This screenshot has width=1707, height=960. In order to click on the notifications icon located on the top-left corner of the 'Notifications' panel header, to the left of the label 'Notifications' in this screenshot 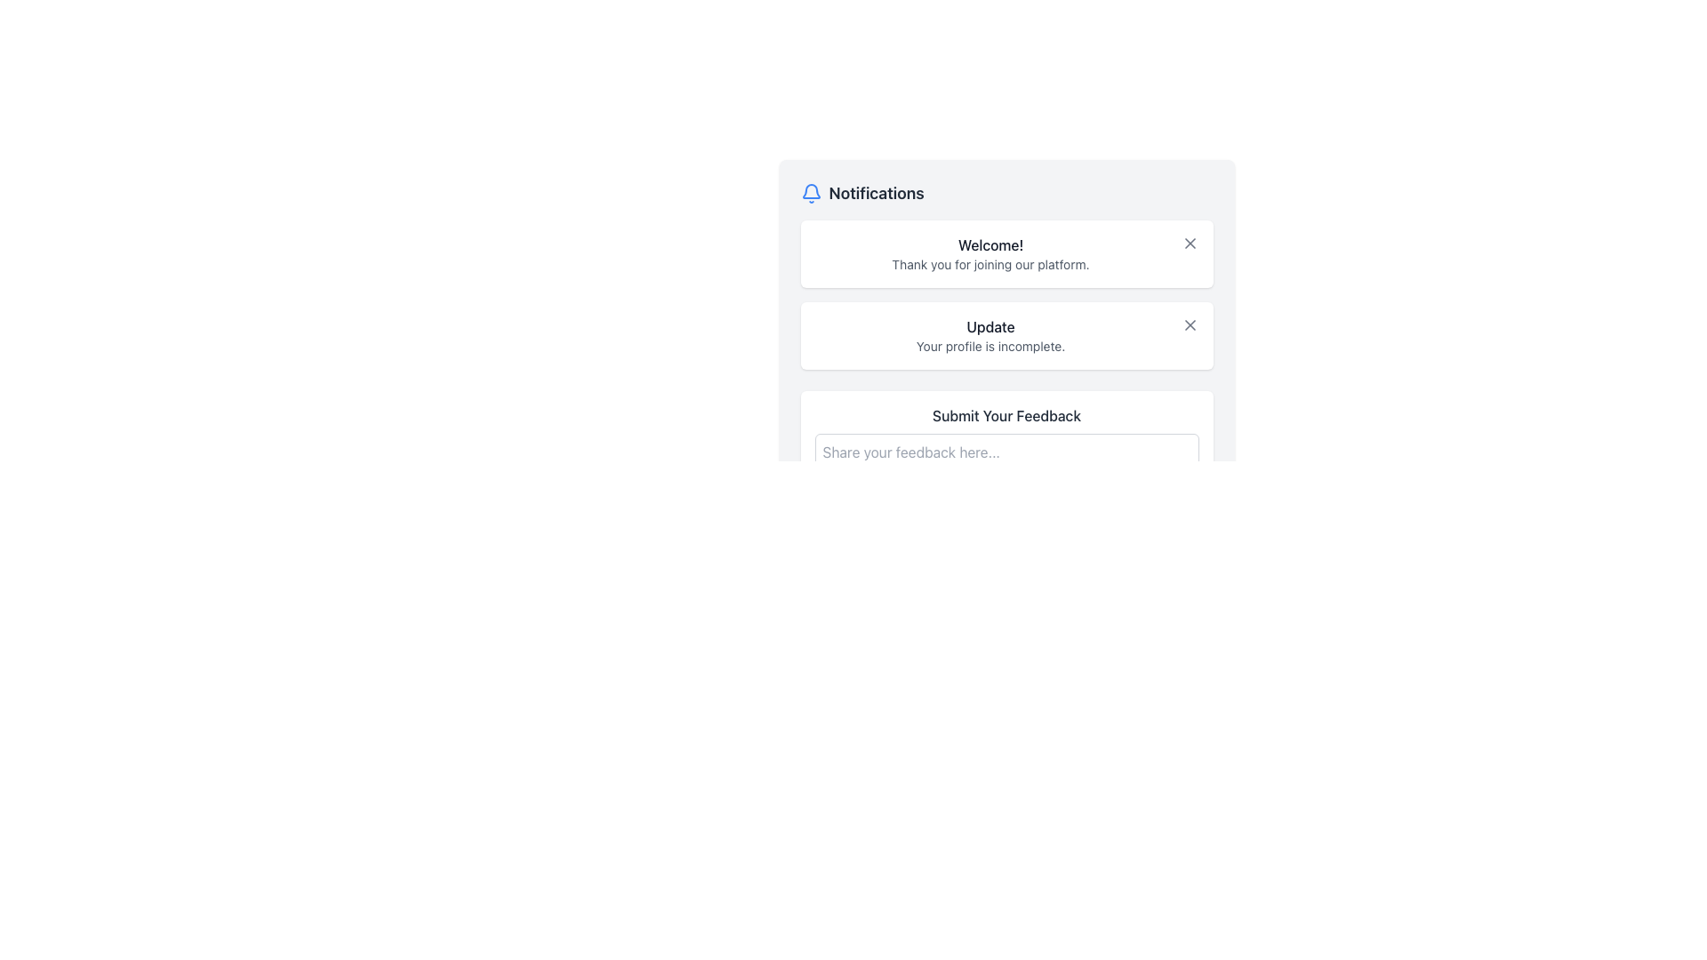, I will do `click(810, 194)`.